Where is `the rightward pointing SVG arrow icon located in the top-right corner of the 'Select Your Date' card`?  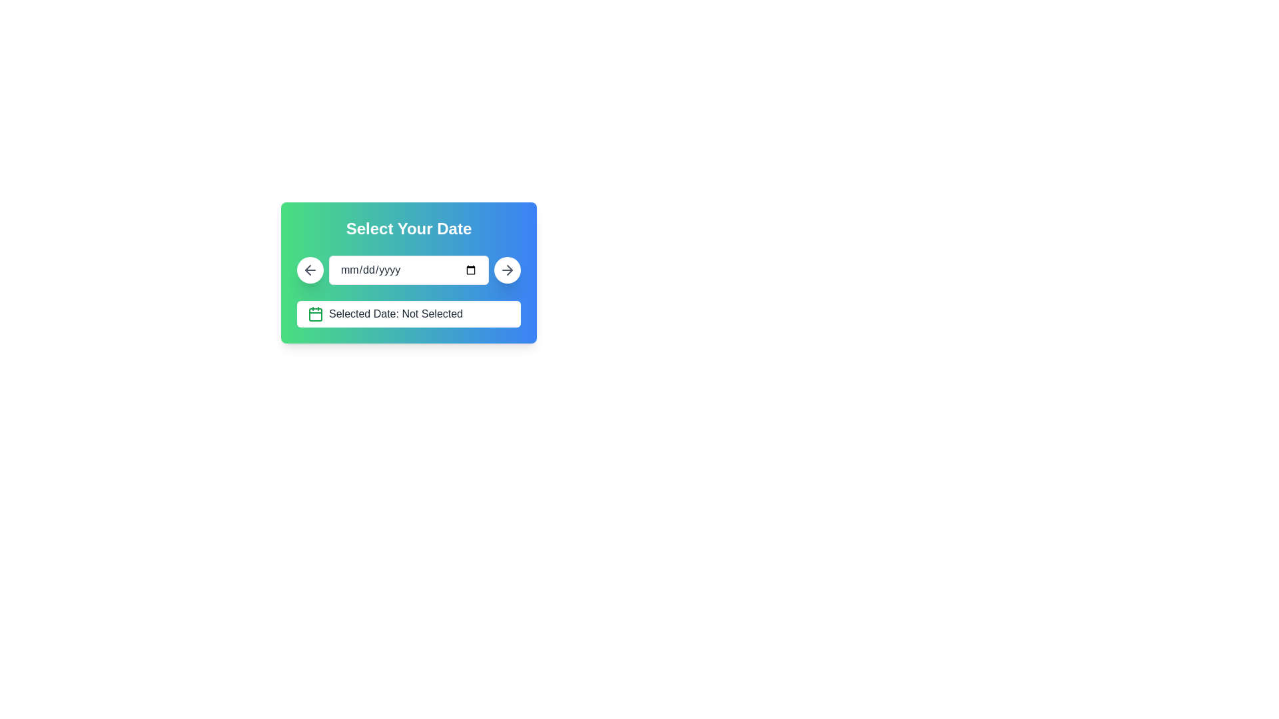 the rightward pointing SVG arrow icon located in the top-right corner of the 'Select Your Date' card is located at coordinates (509, 270).